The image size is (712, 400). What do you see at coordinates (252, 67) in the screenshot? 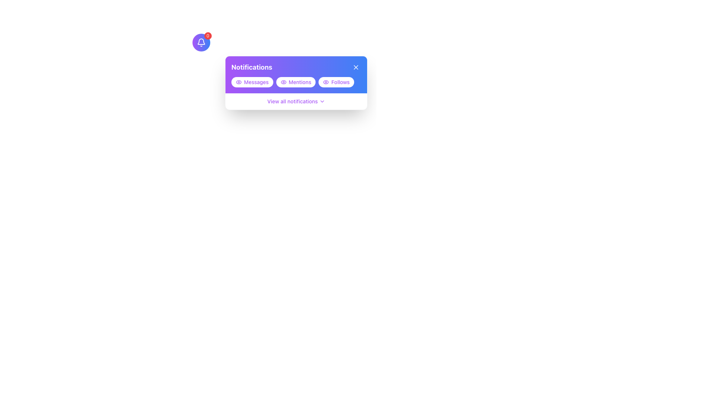
I see `the bold text label displaying 'Notifications' styled in white font on a gradient purple background, located at the top-left corner of the notification popup` at bounding box center [252, 67].